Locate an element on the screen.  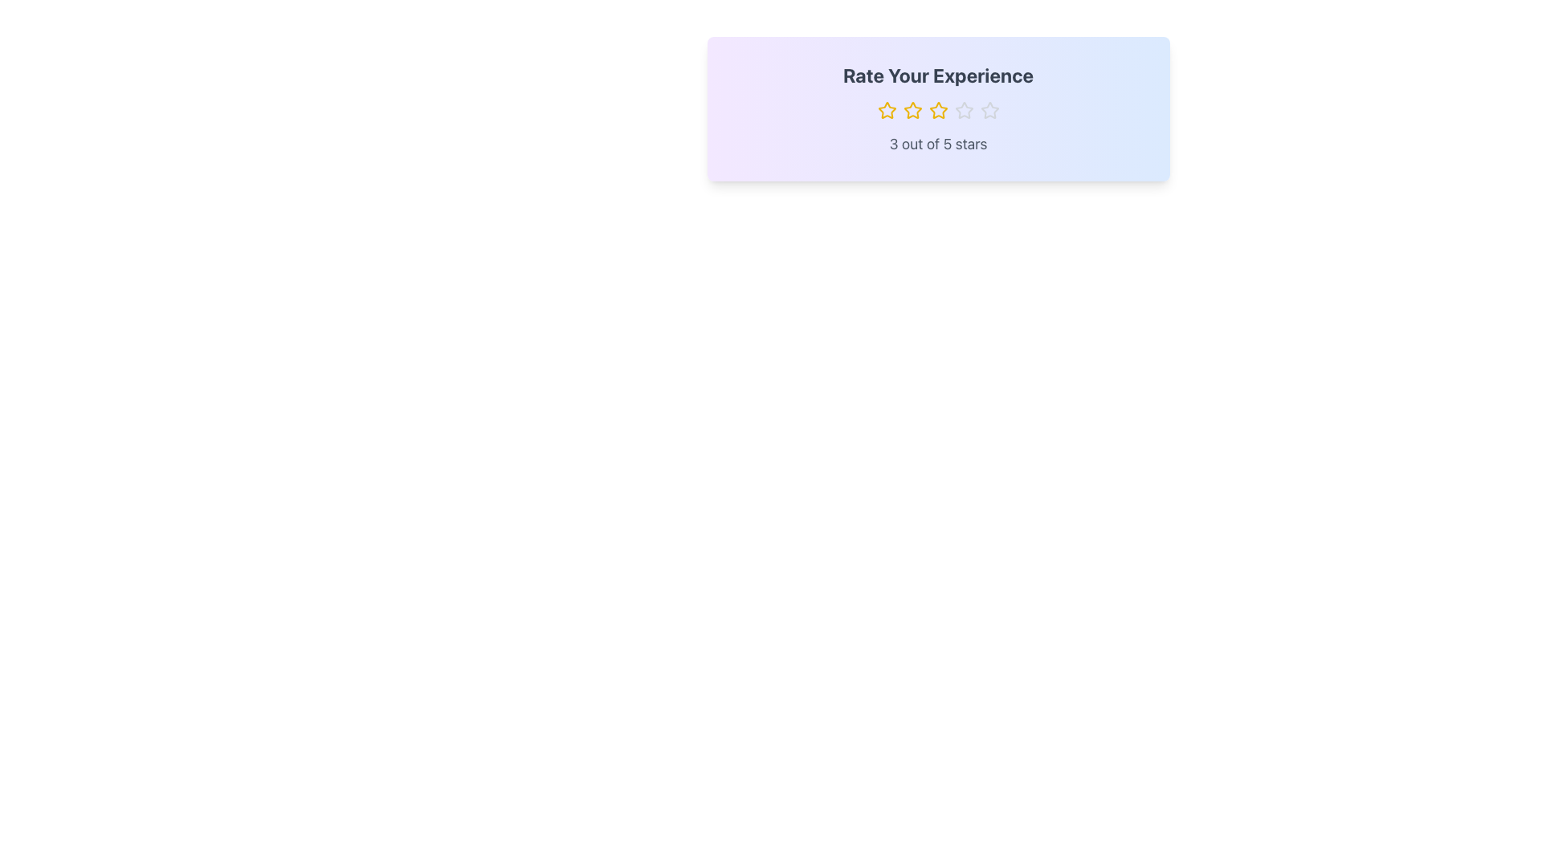
the third star icon in the 5-star rating component is located at coordinates (938, 109).